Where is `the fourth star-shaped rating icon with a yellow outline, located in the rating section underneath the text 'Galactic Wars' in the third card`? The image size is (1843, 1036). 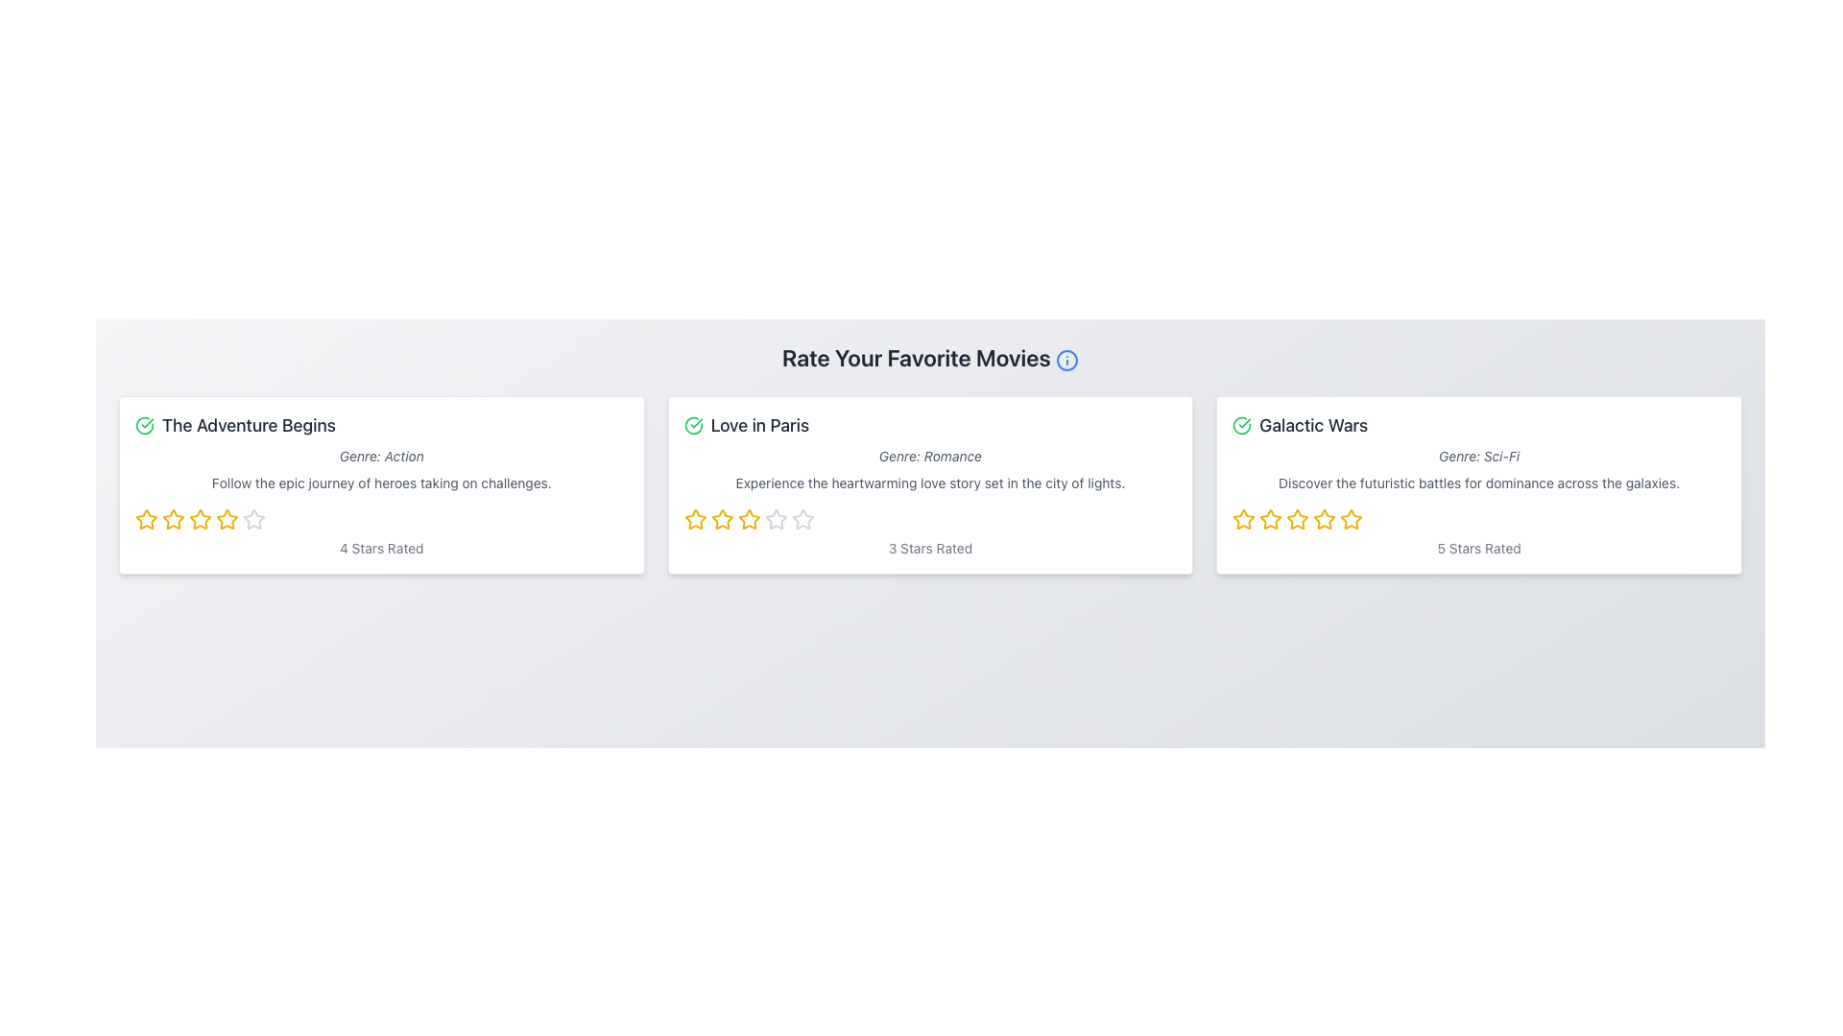 the fourth star-shaped rating icon with a yellow outline, located in the rating section underneath the text 'Galactic Wars' in the third card is located at coordinates (1298, 520).